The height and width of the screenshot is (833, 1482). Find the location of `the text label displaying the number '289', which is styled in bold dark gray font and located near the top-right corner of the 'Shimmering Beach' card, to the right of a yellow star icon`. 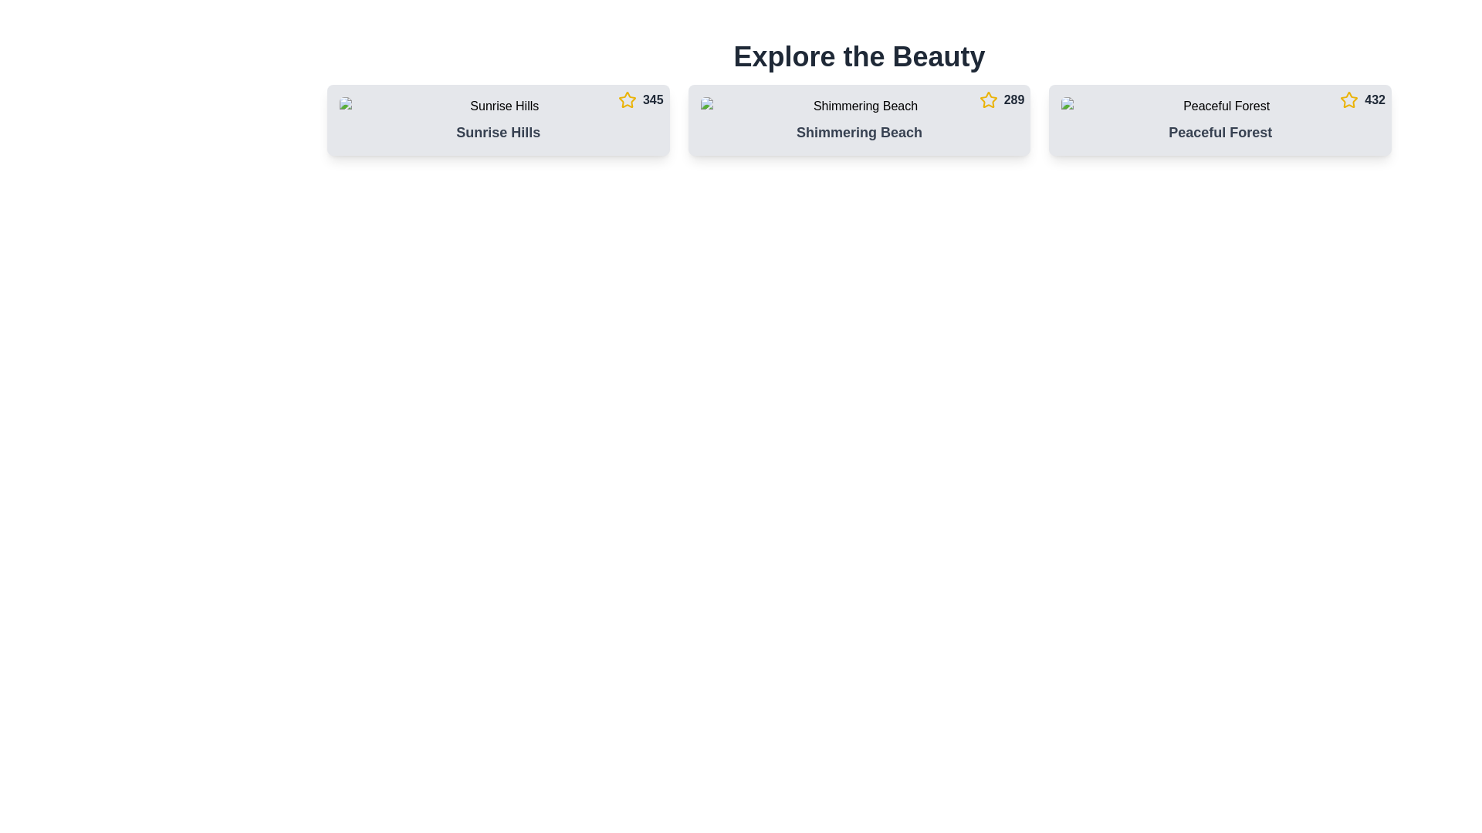

the text label displaying the number '289', which is styled in bold dark gray font and located near the top-right corner of the 'Shimmering Beach' card, to the right of a yellow star icon is located at coordinates (1014, 100).